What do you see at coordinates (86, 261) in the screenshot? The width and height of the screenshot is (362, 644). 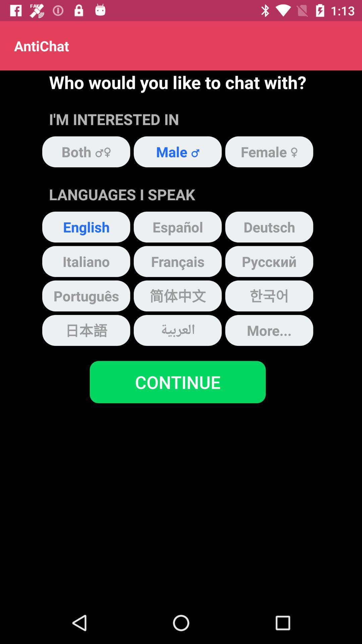 I see `the item below english` at bounding box center [86, 261].